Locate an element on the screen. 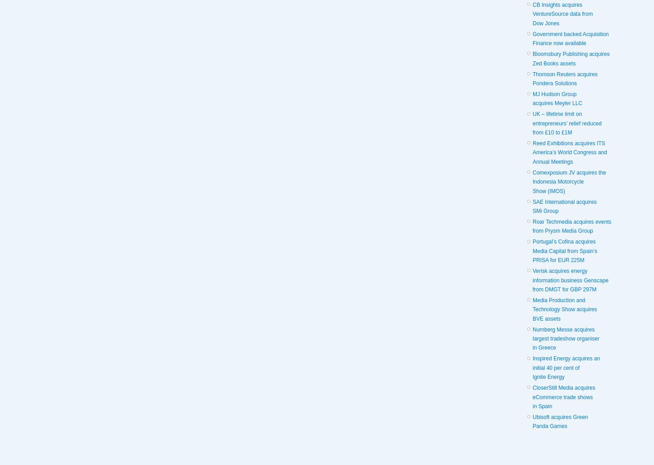 This screenshot has height=465, width=654. 'MJ Hudson Group acquires Meyler LLC' is located at coordinates (558, 98).